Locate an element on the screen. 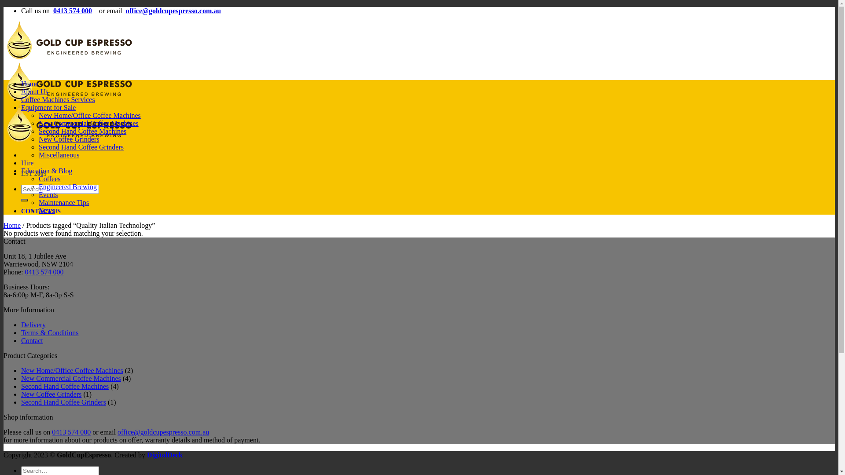 The width and height of the screenshot is (845, 475). 'DigitalDeck' is located at coordinates (165, 455).